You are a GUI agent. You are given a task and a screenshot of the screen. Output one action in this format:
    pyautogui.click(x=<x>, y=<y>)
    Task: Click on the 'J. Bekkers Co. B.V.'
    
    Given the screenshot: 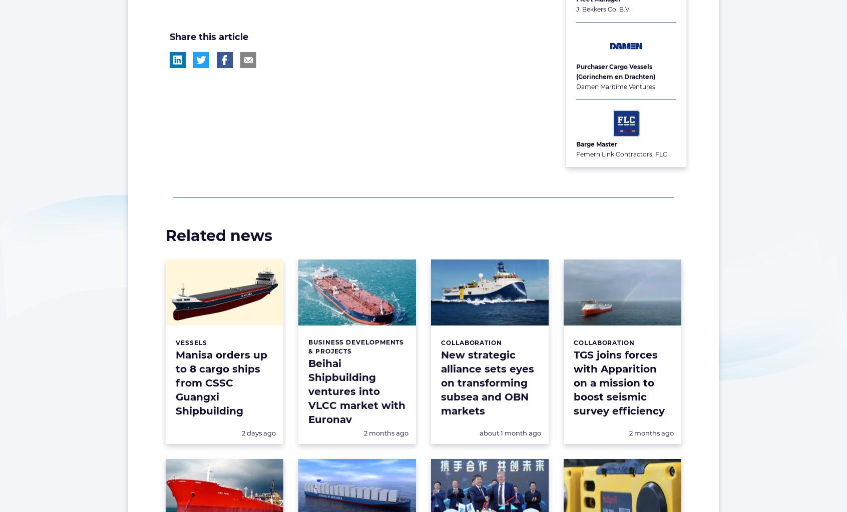 What is the action you would take?
    pyautogui.click(x=603, y=9)
    